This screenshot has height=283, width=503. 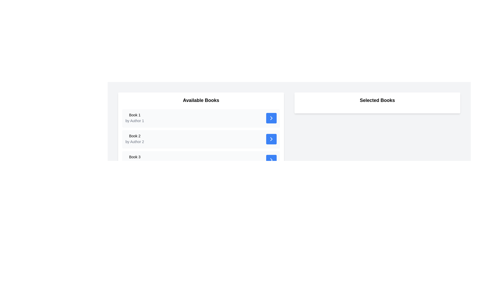 What do you see at coordinates (271, 118) in the screenshot?
I see `the visual representation of the blue rectangular icon aligned with the row of 'Book 1', positioned towards the right edge` at bounding box center [271, 118].